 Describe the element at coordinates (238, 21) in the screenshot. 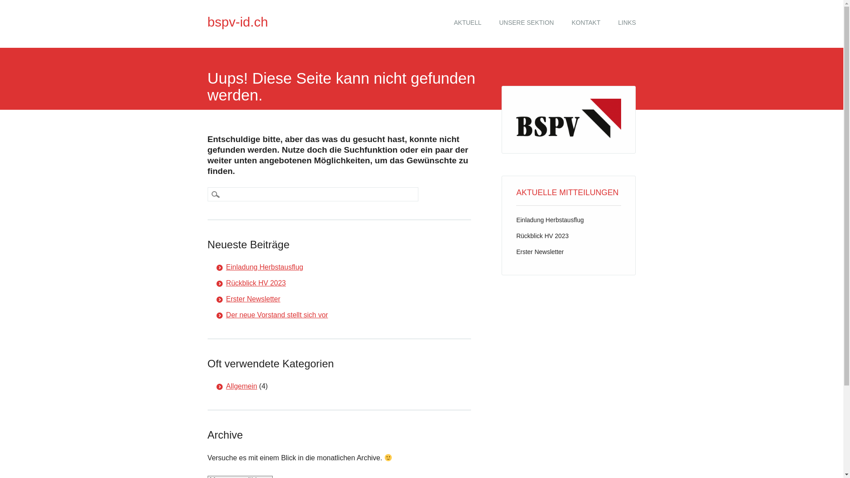

I see `'bspv-id.ch'` at that location.